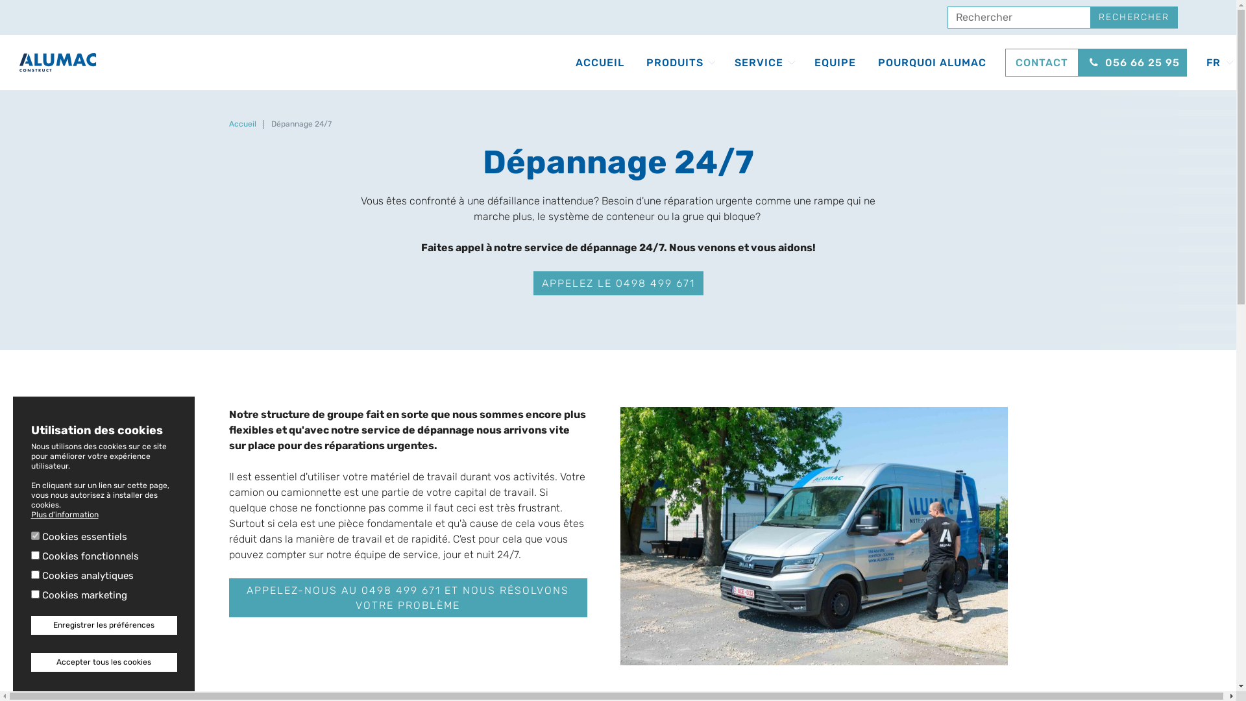 The width and height of the screenshot is (1246, 701). Describe the element at coordinates (242, 124) in the screenshot. I see `'Accueil'` at that location.